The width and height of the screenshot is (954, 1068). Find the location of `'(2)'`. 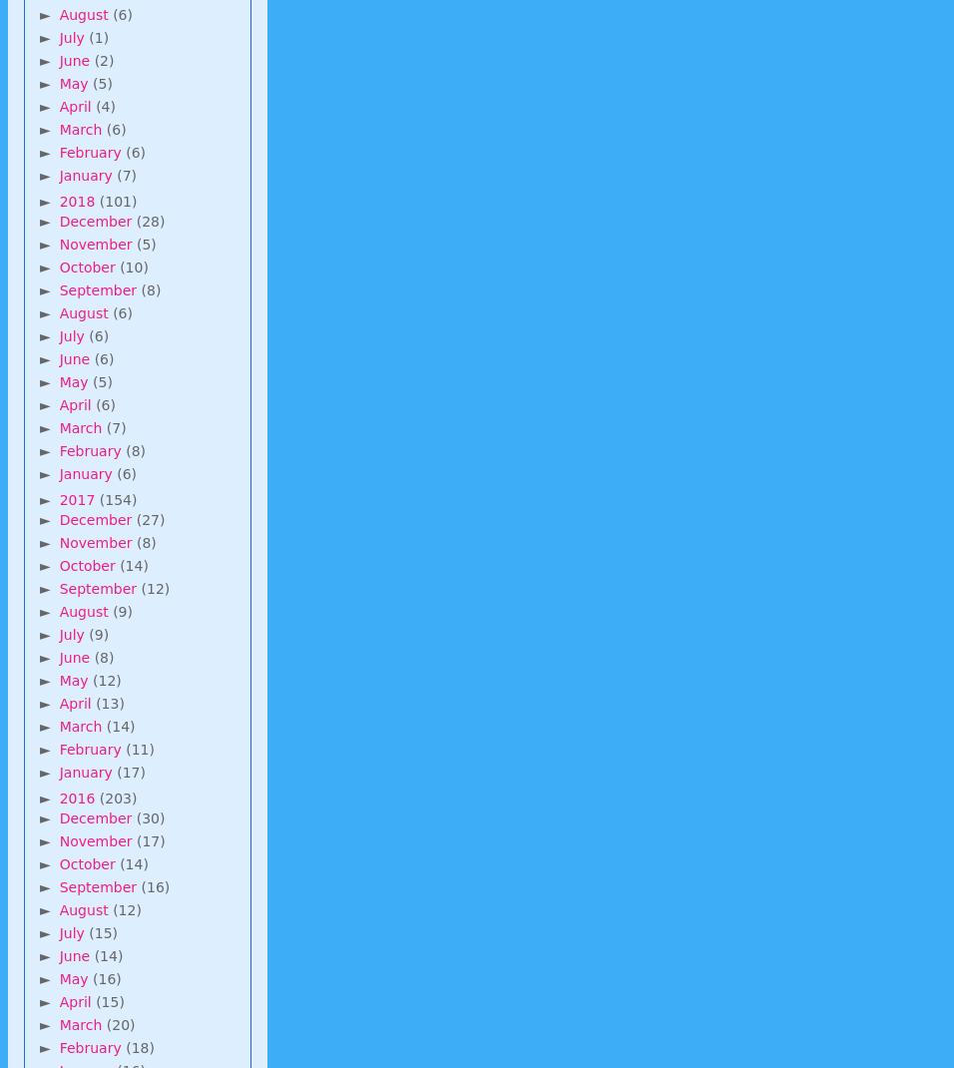

'(2)' is located at coordinates (103, 59).